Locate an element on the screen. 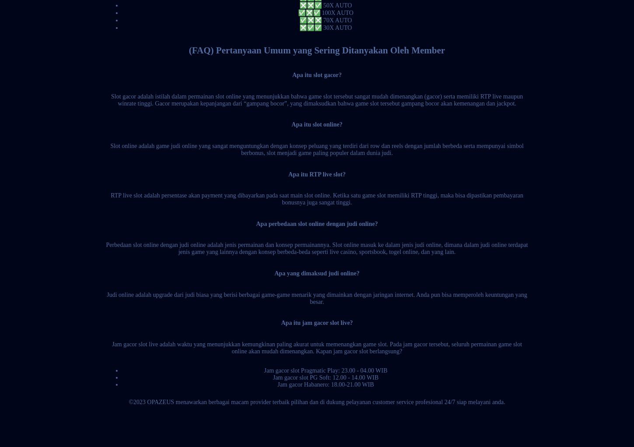 The height and width of the screenshot is (447, 634). 'Apa itu RTP live slot?' is located at coordinates (316, 173).